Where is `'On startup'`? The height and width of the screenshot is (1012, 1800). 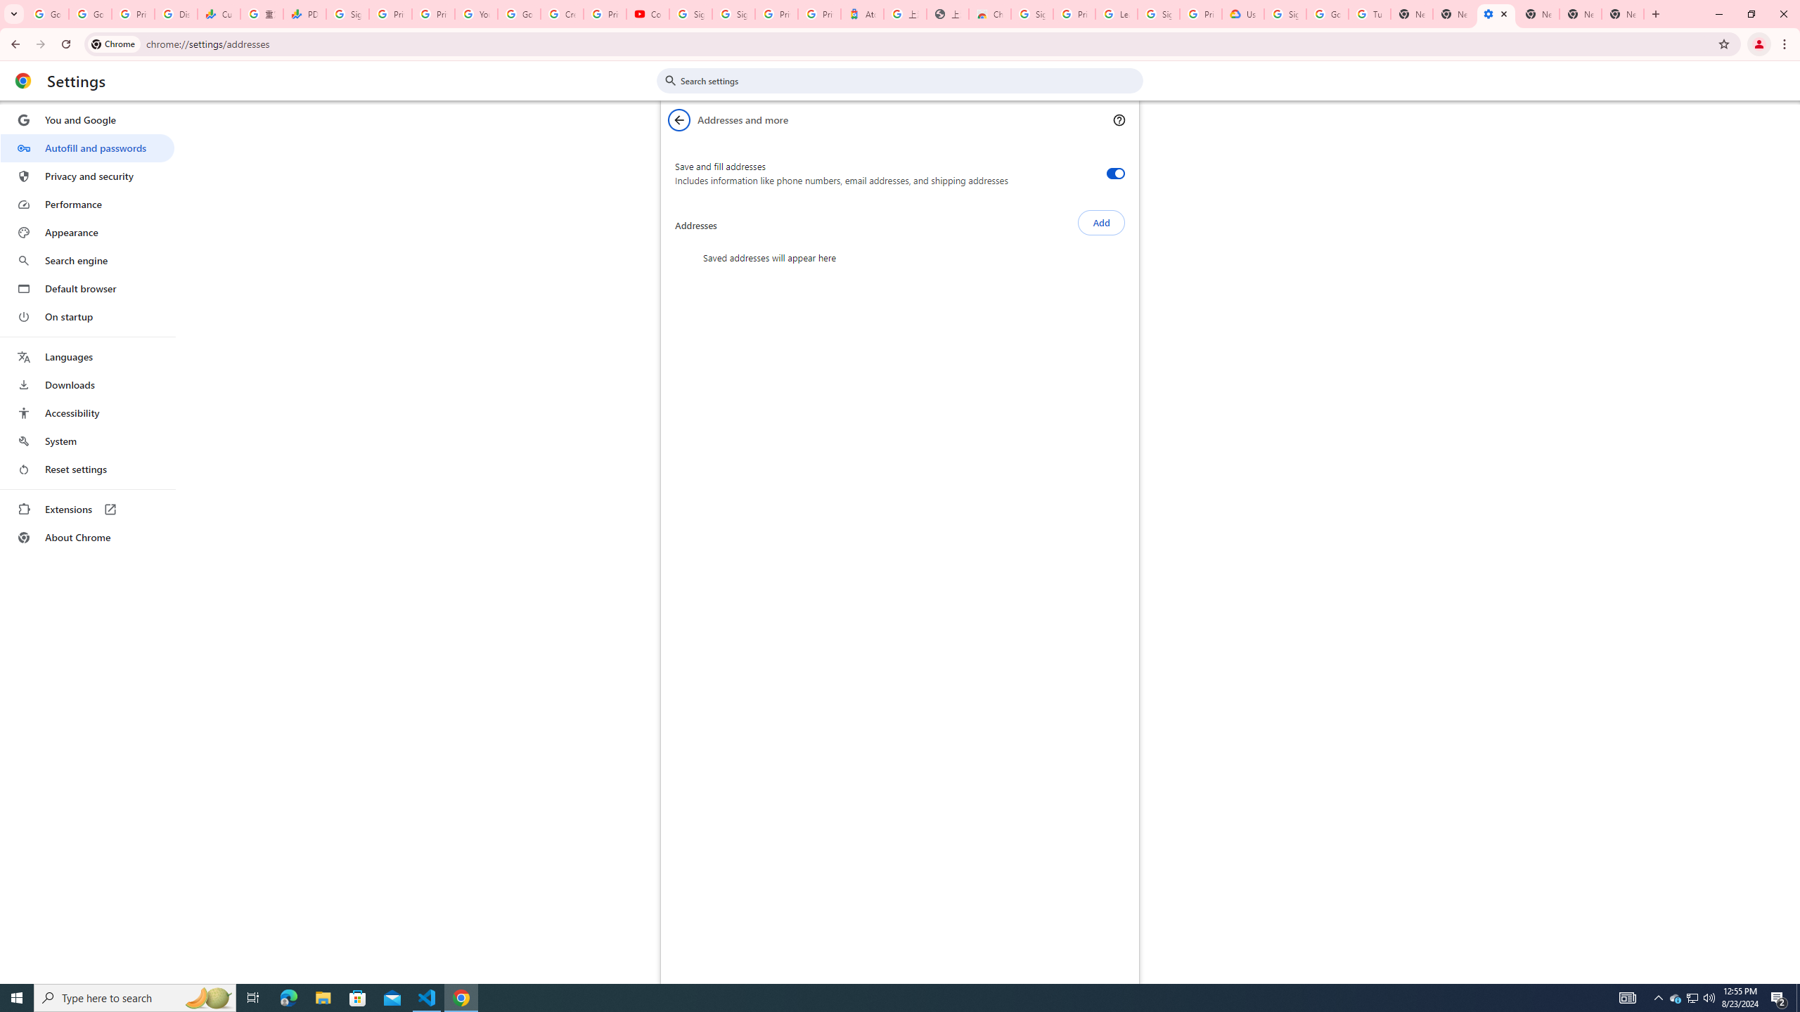
'On startup' is located at coordinates (86, 316).